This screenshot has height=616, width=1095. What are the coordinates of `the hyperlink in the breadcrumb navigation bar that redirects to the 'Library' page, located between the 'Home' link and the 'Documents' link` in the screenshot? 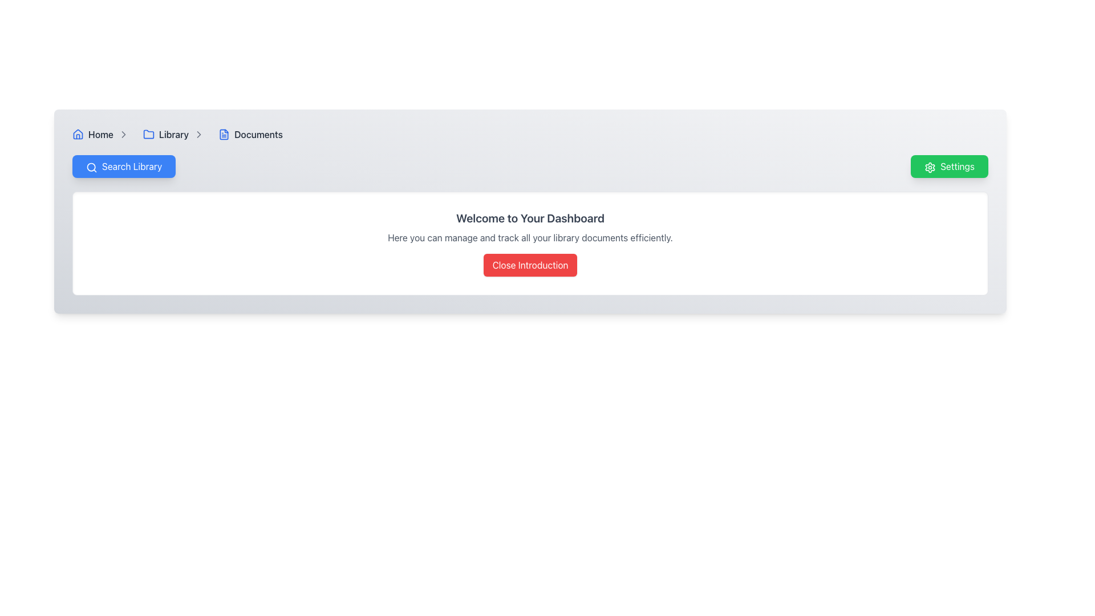 It's located at (173, 133).